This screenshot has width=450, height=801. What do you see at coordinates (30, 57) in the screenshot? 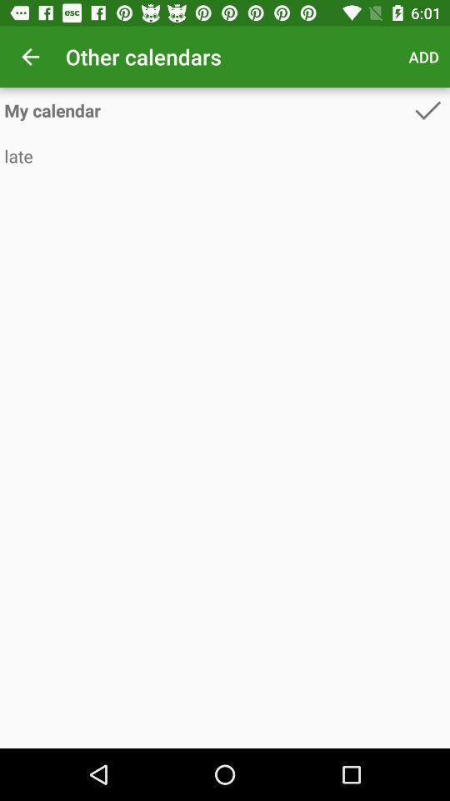
I see `the item above my calendar` at bounding box center [30, 57].